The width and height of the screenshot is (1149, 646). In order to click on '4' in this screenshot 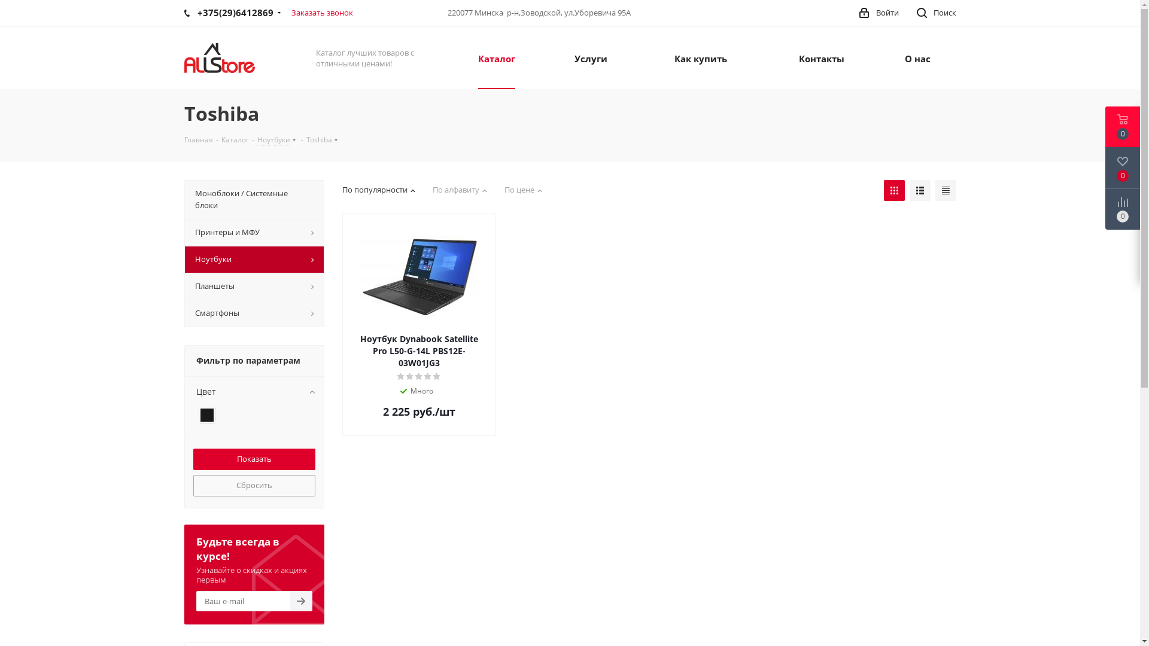, I will do `click(428, 376)`.